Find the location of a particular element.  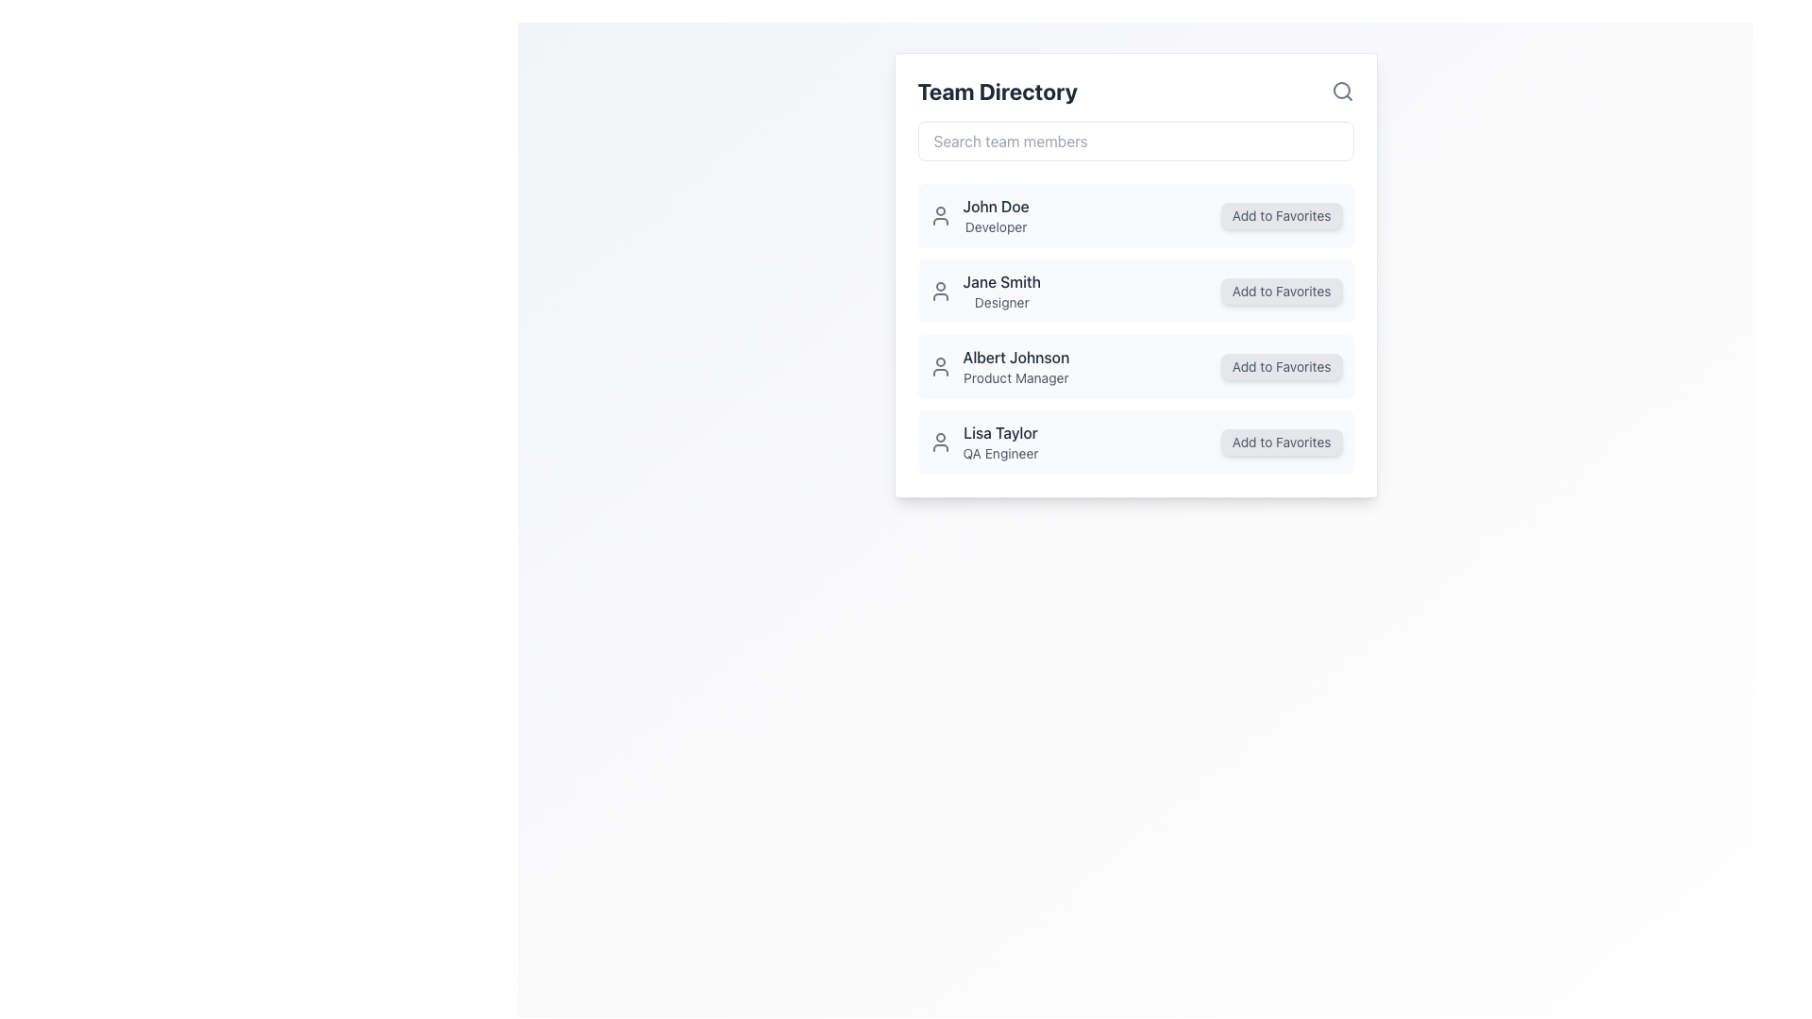

the Team Member Profile Entry for 'Albert Johnson' is located at coordinates (998, 367).